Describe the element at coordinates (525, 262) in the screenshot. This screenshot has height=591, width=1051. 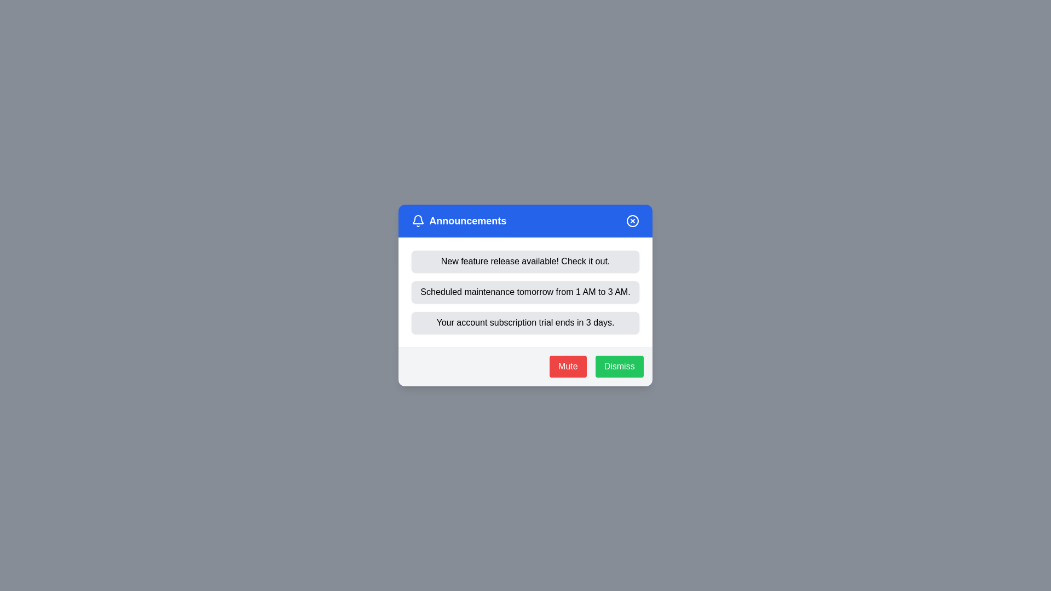
I see `the announcement titled 'New feature release available! Check it out.'` at that location.